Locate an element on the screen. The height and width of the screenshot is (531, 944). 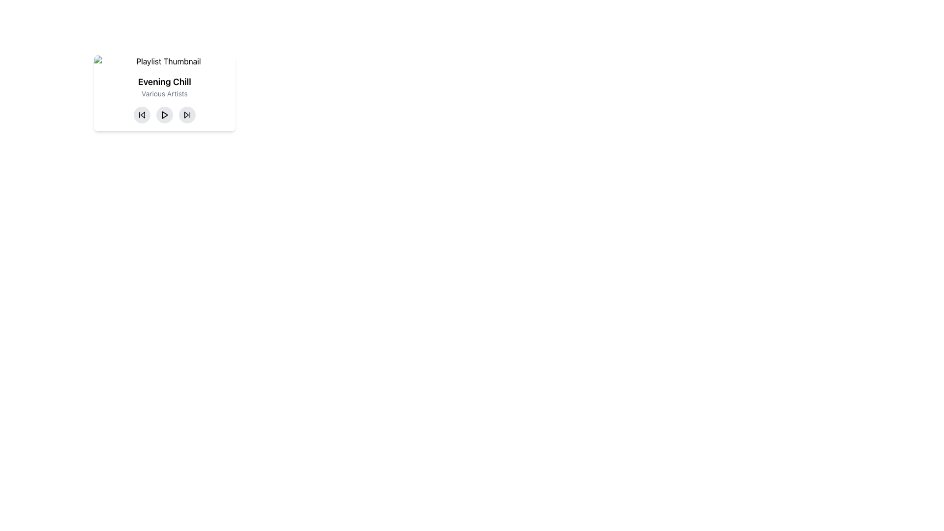
the forward-skip icon inside the circular button, which is the third button from the left in the media control row is located at coordinates (187, 115).